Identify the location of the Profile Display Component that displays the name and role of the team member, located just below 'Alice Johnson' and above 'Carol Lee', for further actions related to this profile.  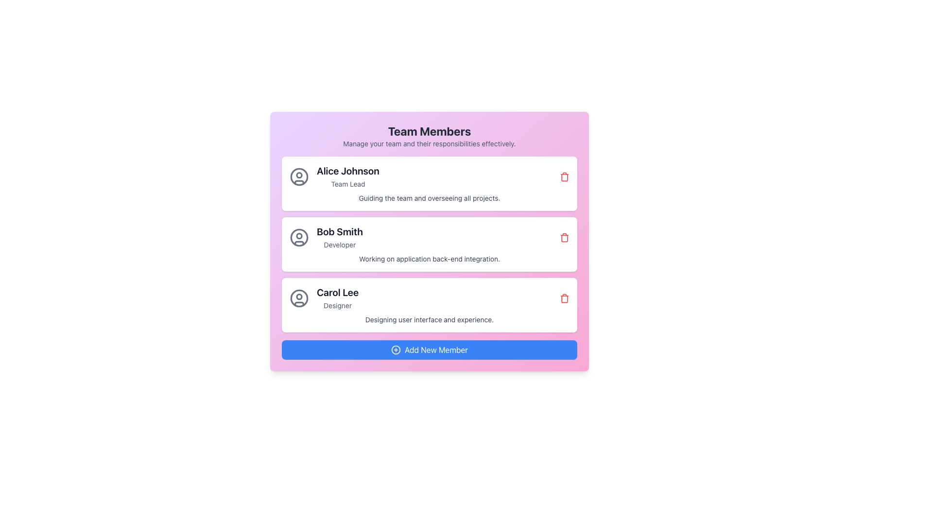
(326, 238).